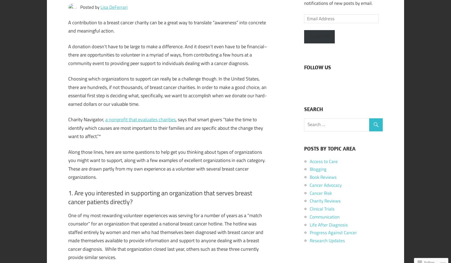 Image resolution: width=451 pixels, height=263 pixels. What do you see at coordinates (324, 161) in the screenshot?
I see `'Access to Care'` at bounding box center [324, 161].